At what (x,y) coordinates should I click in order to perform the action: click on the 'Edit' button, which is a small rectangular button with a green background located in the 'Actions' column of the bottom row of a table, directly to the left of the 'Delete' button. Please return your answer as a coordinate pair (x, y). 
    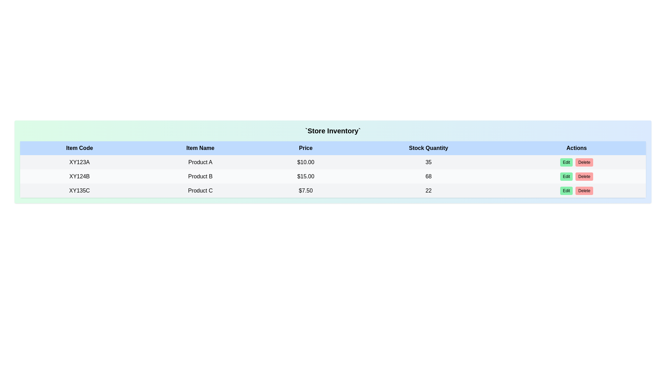
    Looking at the image, I should click on (566, 191).